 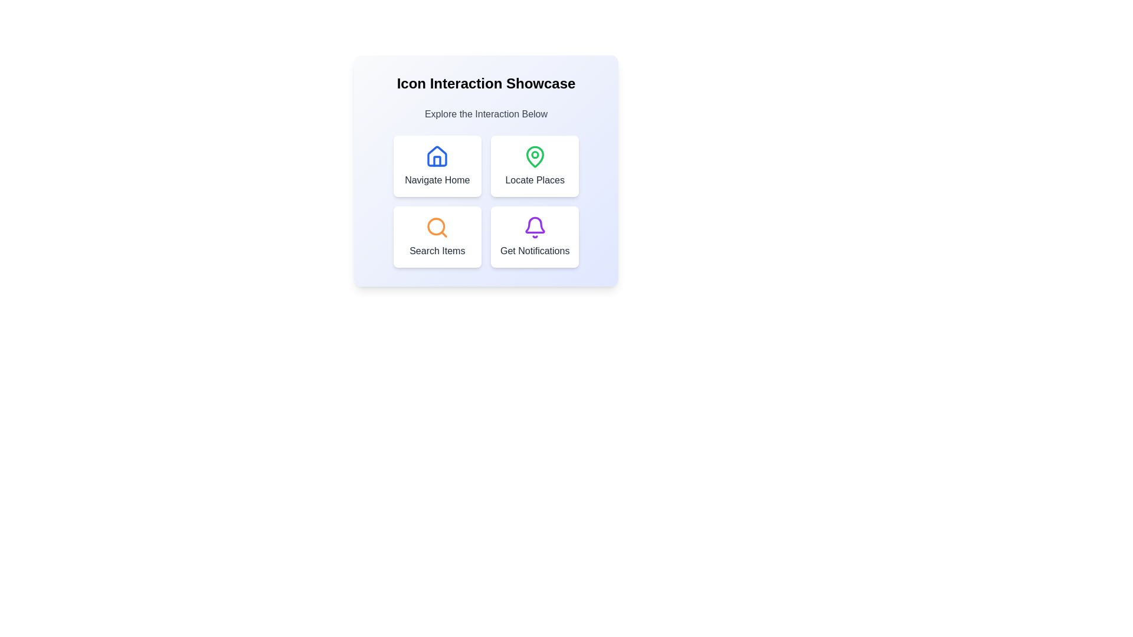 What do you see at coordinates (534, 156) in the screenshot?
I see `the map pin icon with a green outline located in the 'Locate Places' card` at bounding box center [534, 156].